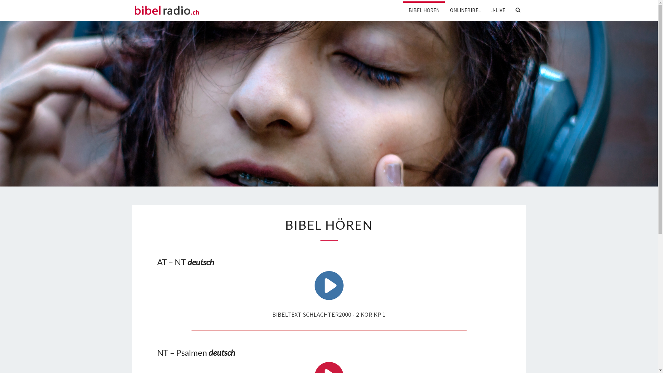 The image size is (663, 373). I want to click on 'ONLINEBIBEL', so click(465, 10).